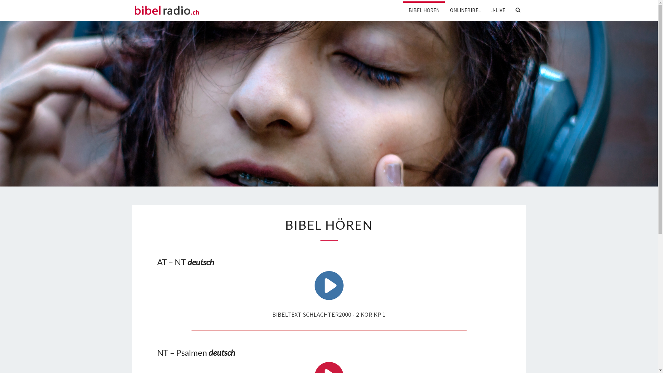 The image size is (663, 373). I want to click on 'ONLINEBIBEL', so click(465, 10).